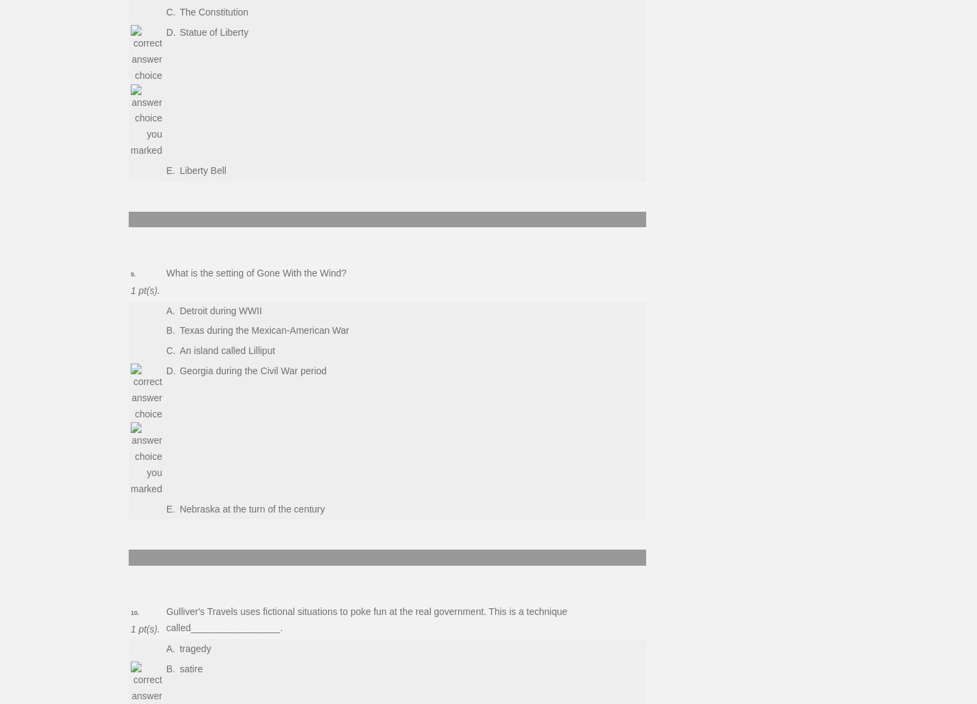 The image size is (977, 704). I want to click on 'tragedy', so click(179, 648).